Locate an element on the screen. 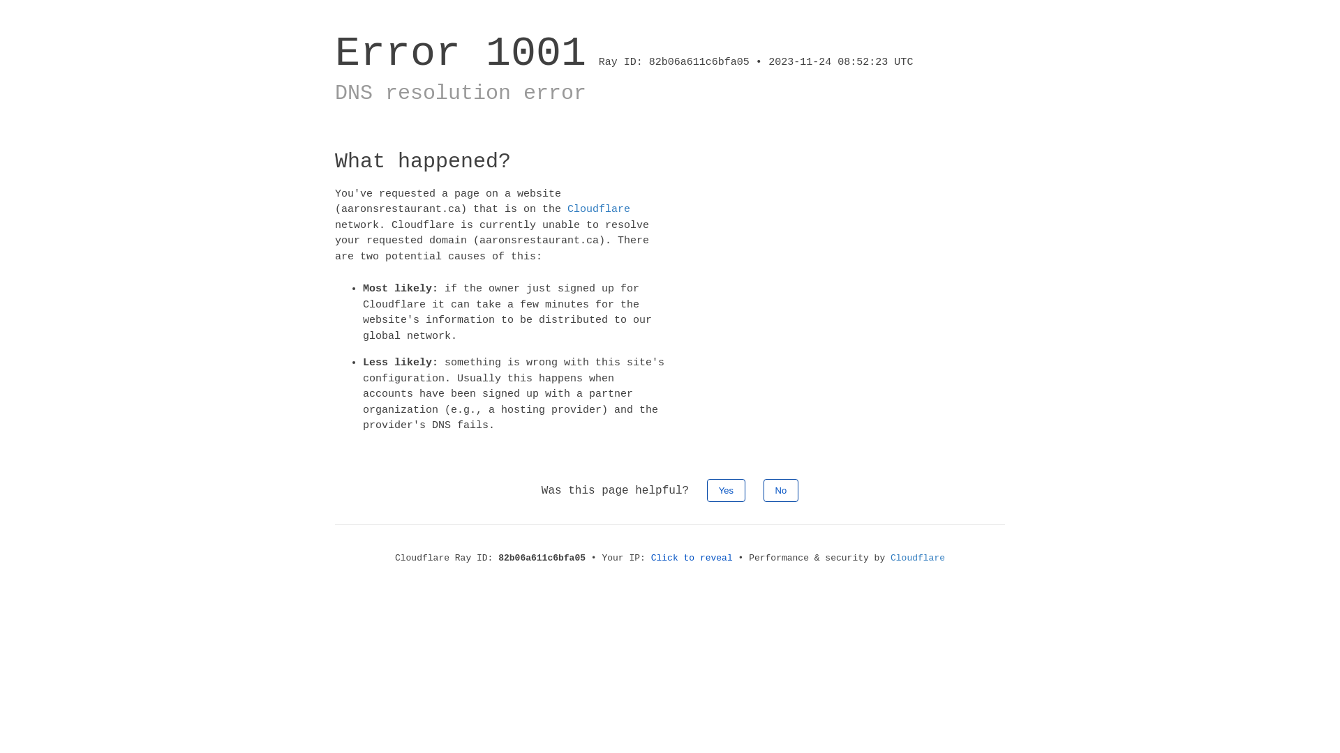  'Cloudflare' is located at coordinates (599, 209).